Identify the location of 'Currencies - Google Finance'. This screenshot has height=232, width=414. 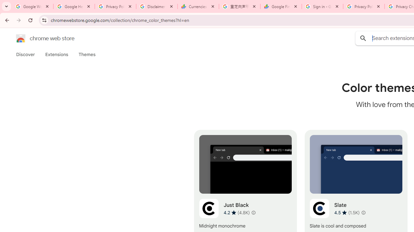
(198, 6).